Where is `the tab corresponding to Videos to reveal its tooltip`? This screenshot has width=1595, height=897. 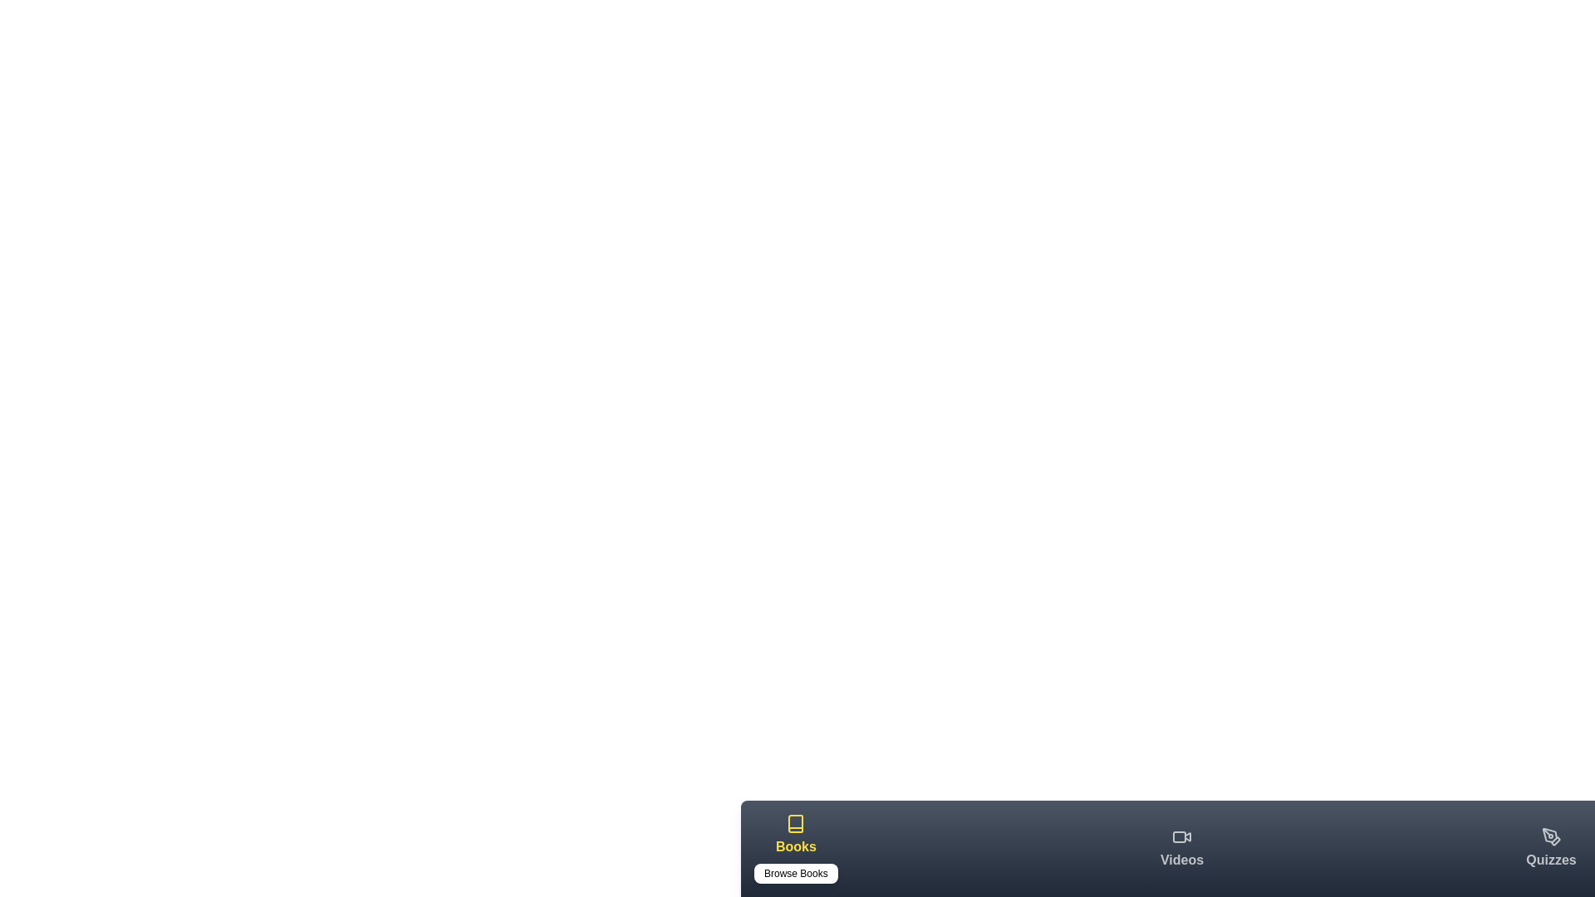
the tab corresponding to Videos to reveal its tooltip is located at coordinates (1180, 849).